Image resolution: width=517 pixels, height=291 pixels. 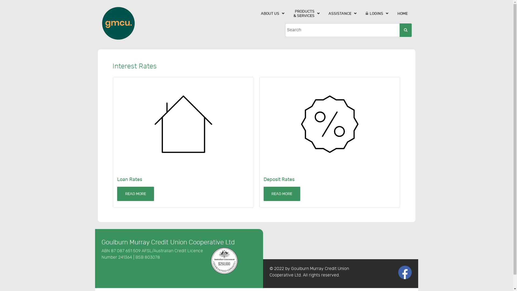 I want to click on 'HOME', so click(x=402, y=13).